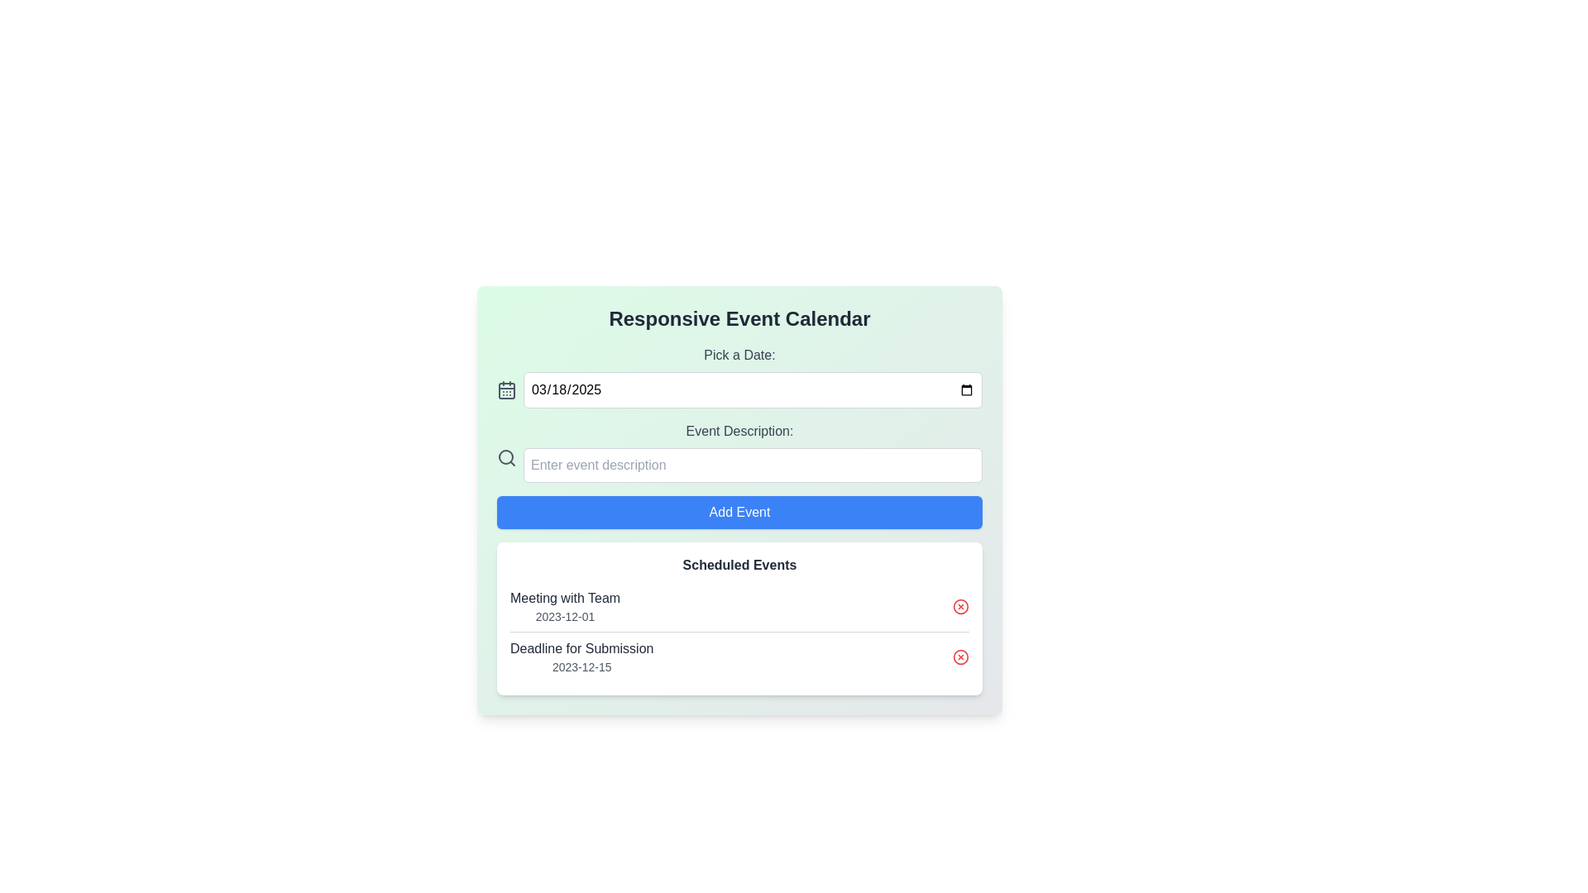 This screenshot has width=1588, height=893. I want to click on the first scheduled meeting event displayed in the 'Scheduled Events' section by moving the cursor to its location, so click(565, 606).